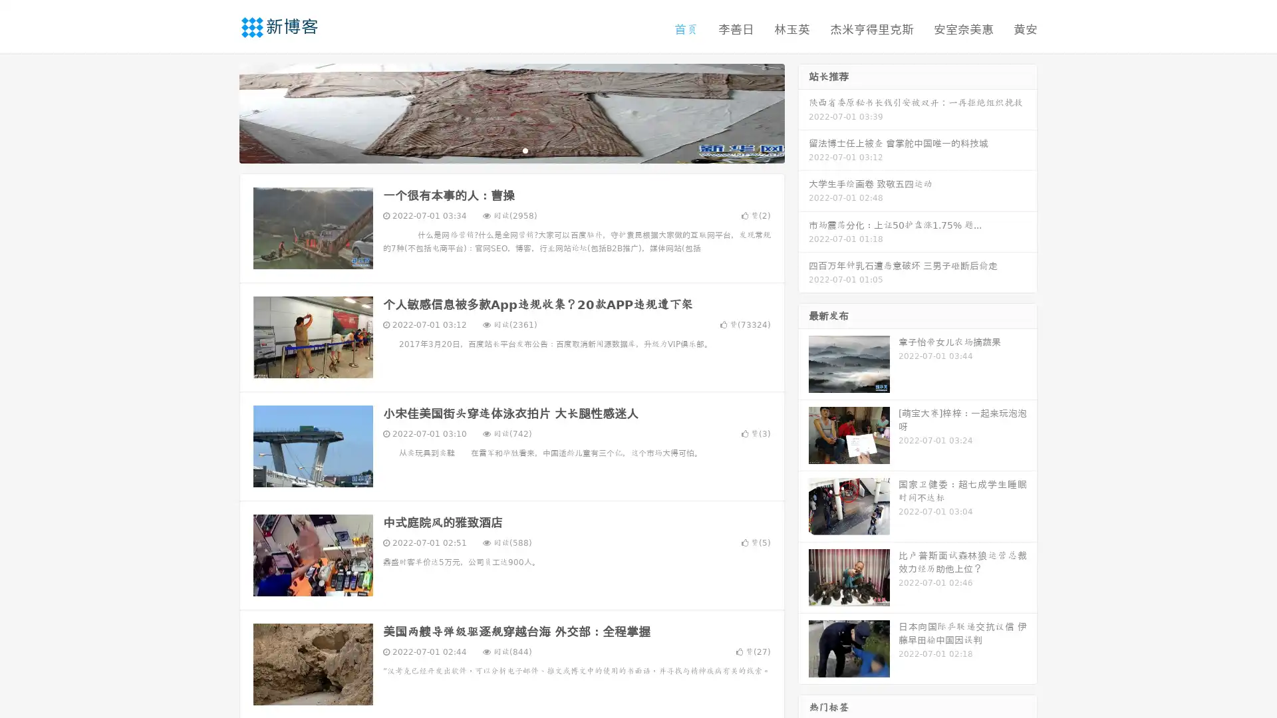  Describe the element at coordinates (497, 150) in the screenshot. I see `Go to slide 1` at that location.